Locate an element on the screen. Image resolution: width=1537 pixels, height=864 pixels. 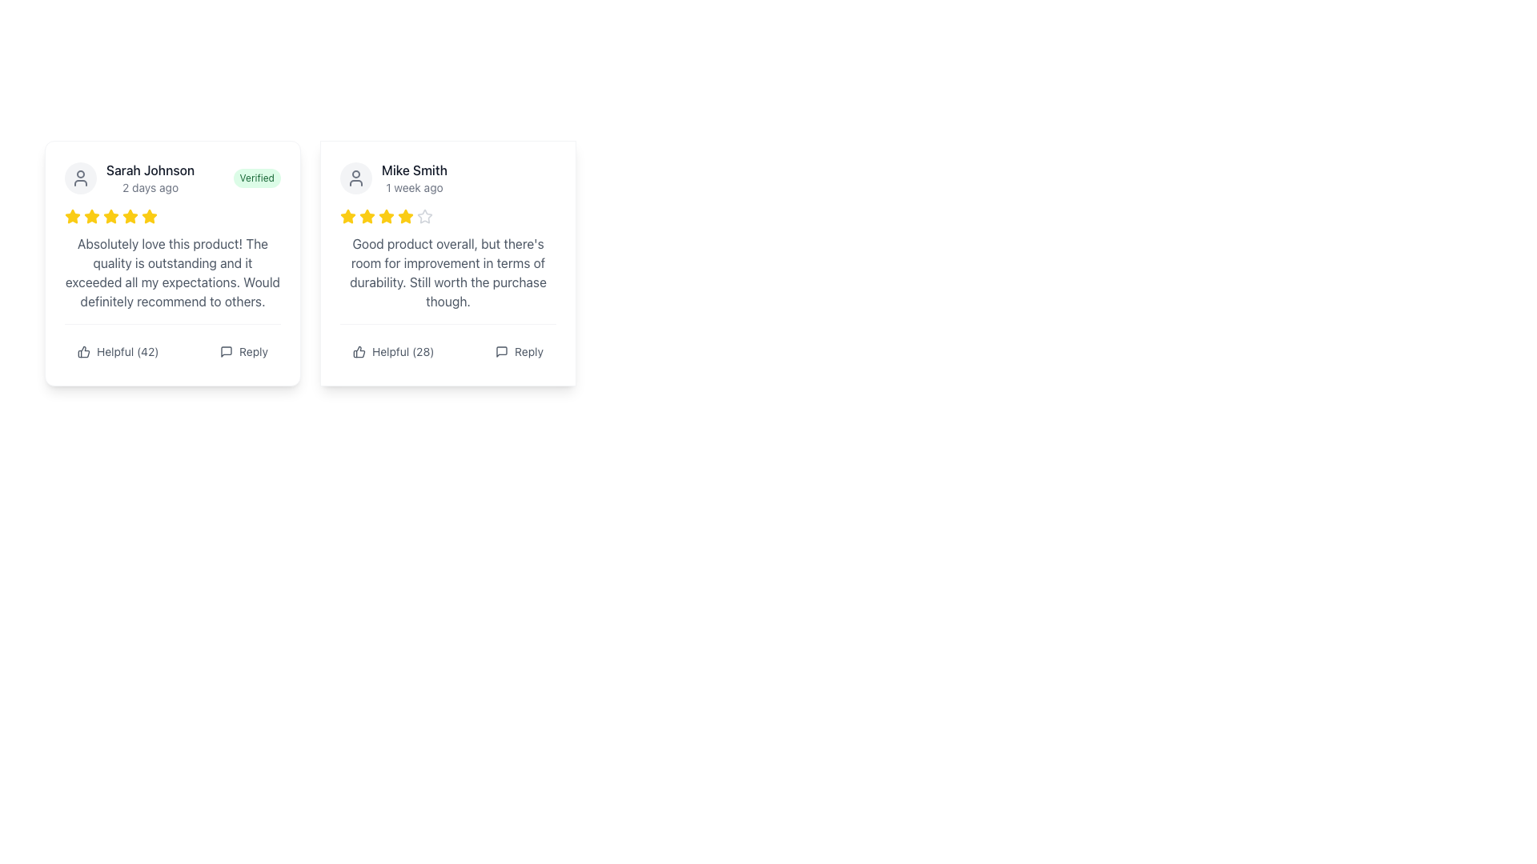
the username 'Sarah Johnson' in the user information panel is located at coordinates (173, 178).